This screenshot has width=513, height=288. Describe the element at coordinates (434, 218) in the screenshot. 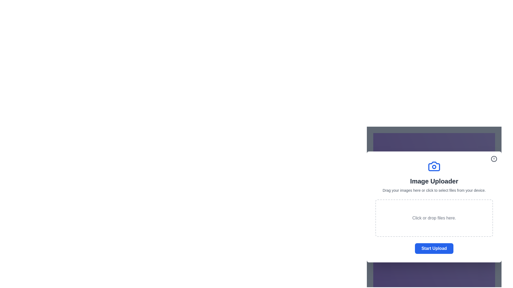

I see `the File upload drop zone, which is a rectangular area with a dashed border and the text 'Click or drop files here.' centered inside` at that location.